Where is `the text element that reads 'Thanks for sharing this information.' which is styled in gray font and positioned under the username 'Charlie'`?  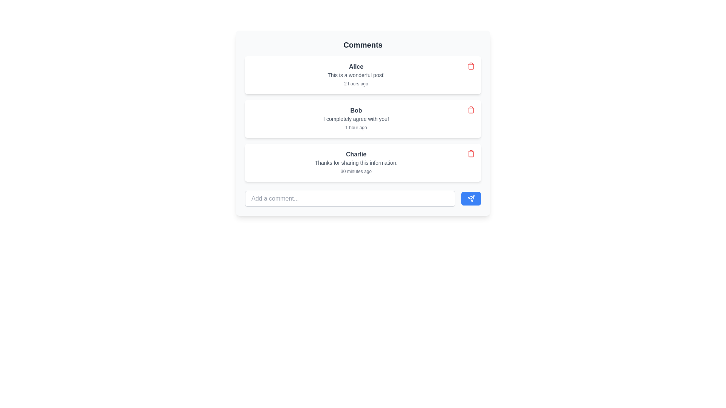
the text element that reads 'Thanks for sharing this information.' which is styled in gray font and positioned under the username 'Charlie' is located at coordinates (355, 162).